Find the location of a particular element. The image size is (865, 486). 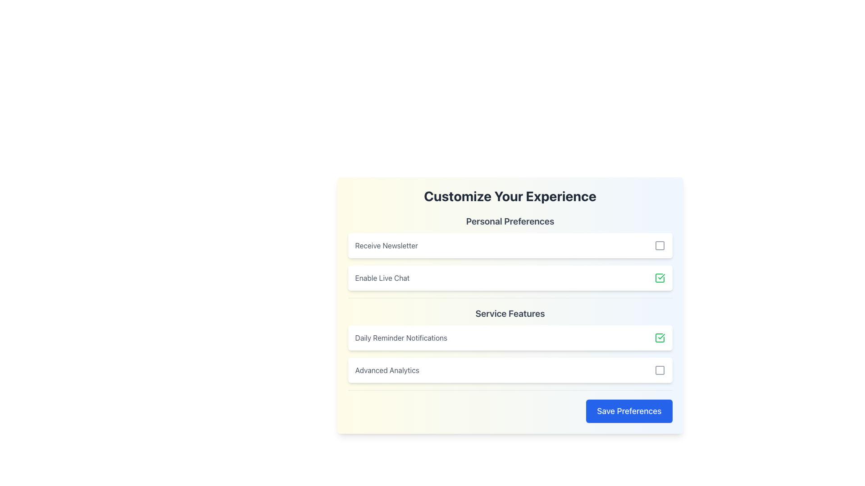

the checkbox is located at coordinates (660, 246).